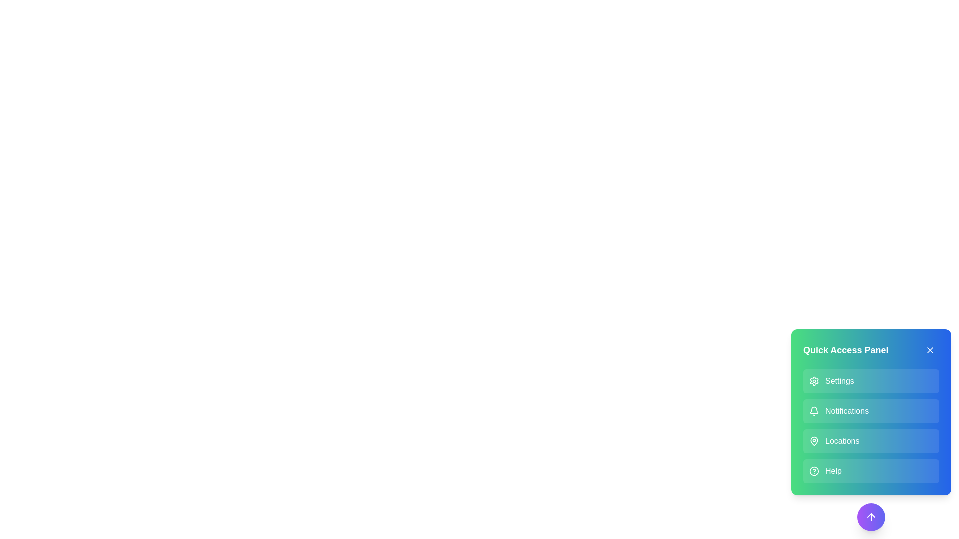 Image resolution: width=959 pixels, height=539 pixels. What do you see at coordinates (930, 350) in the screenshot?
I see `the close button located in the top-right corner of the 'Quick Access Panel'` at bounding box center [930, 350].